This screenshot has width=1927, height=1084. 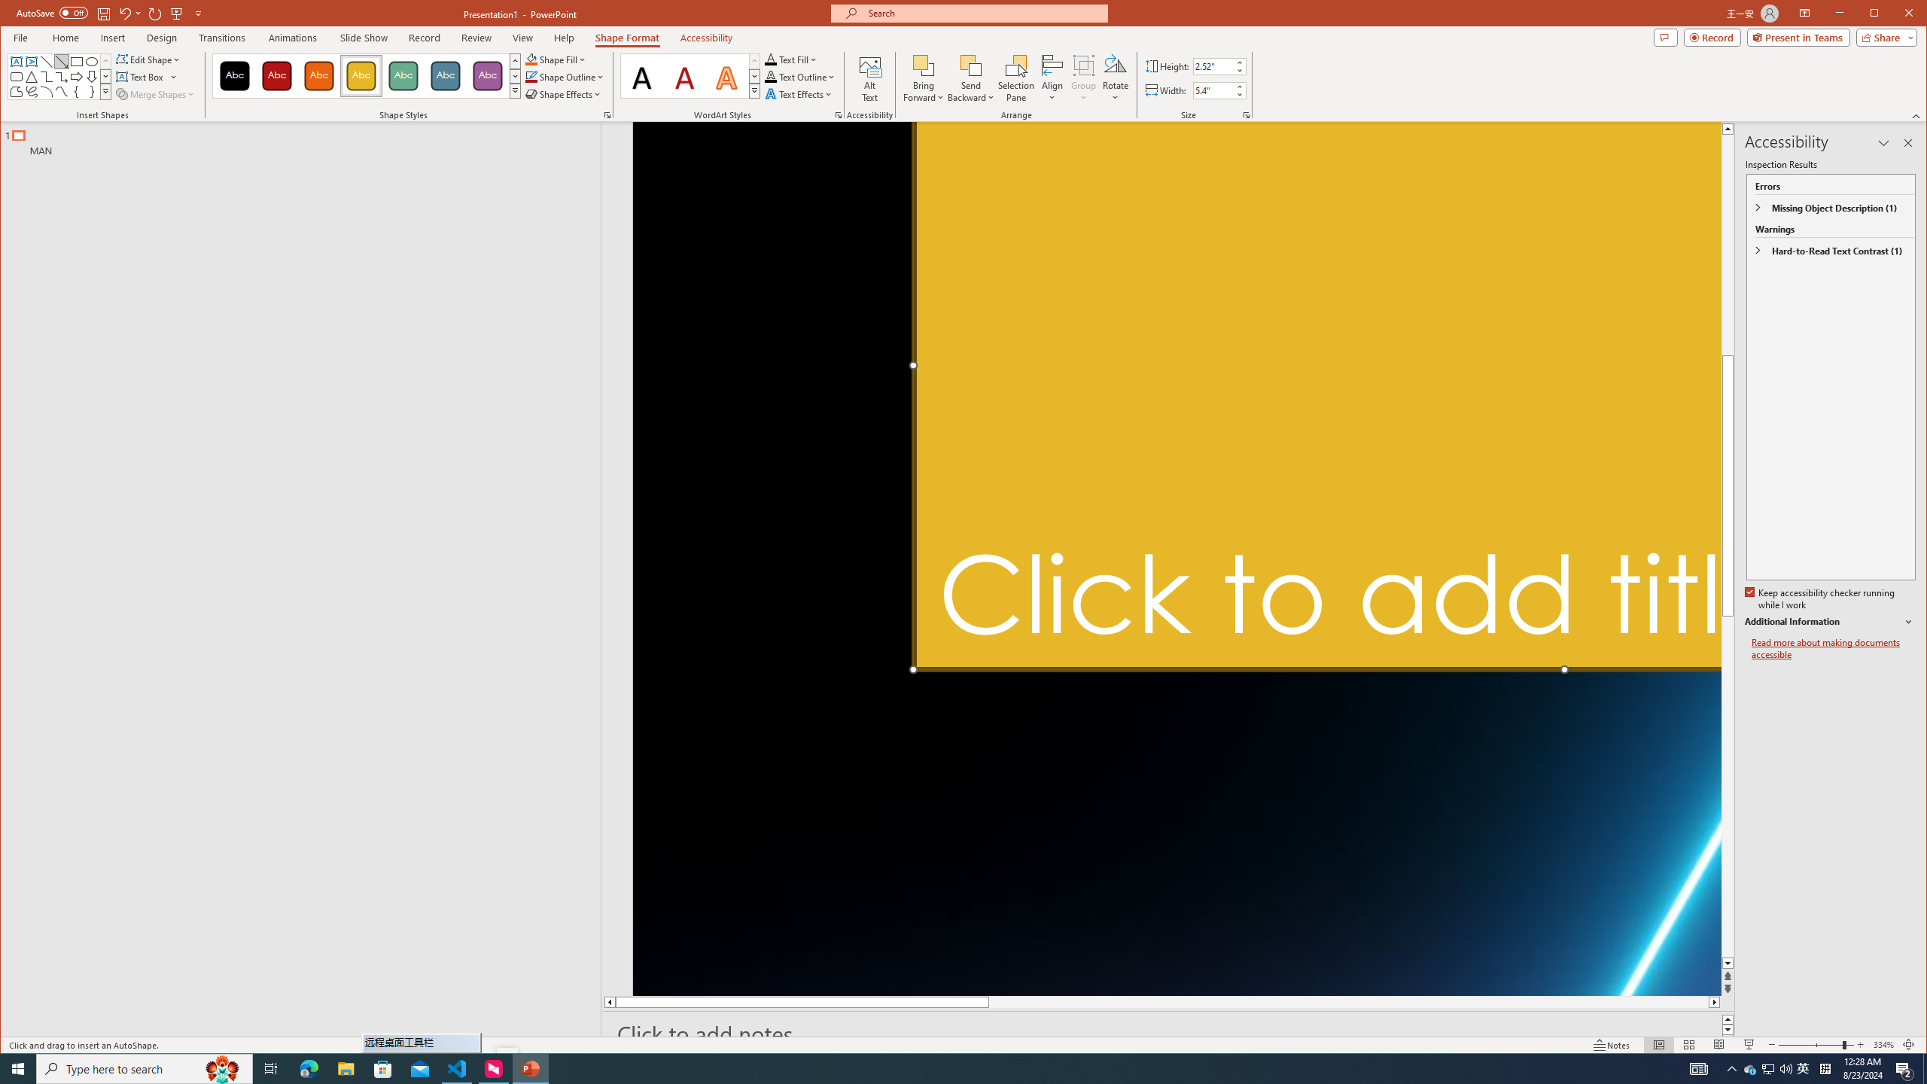 I want to click on 'Send Backward', so click(x=970, y=78).